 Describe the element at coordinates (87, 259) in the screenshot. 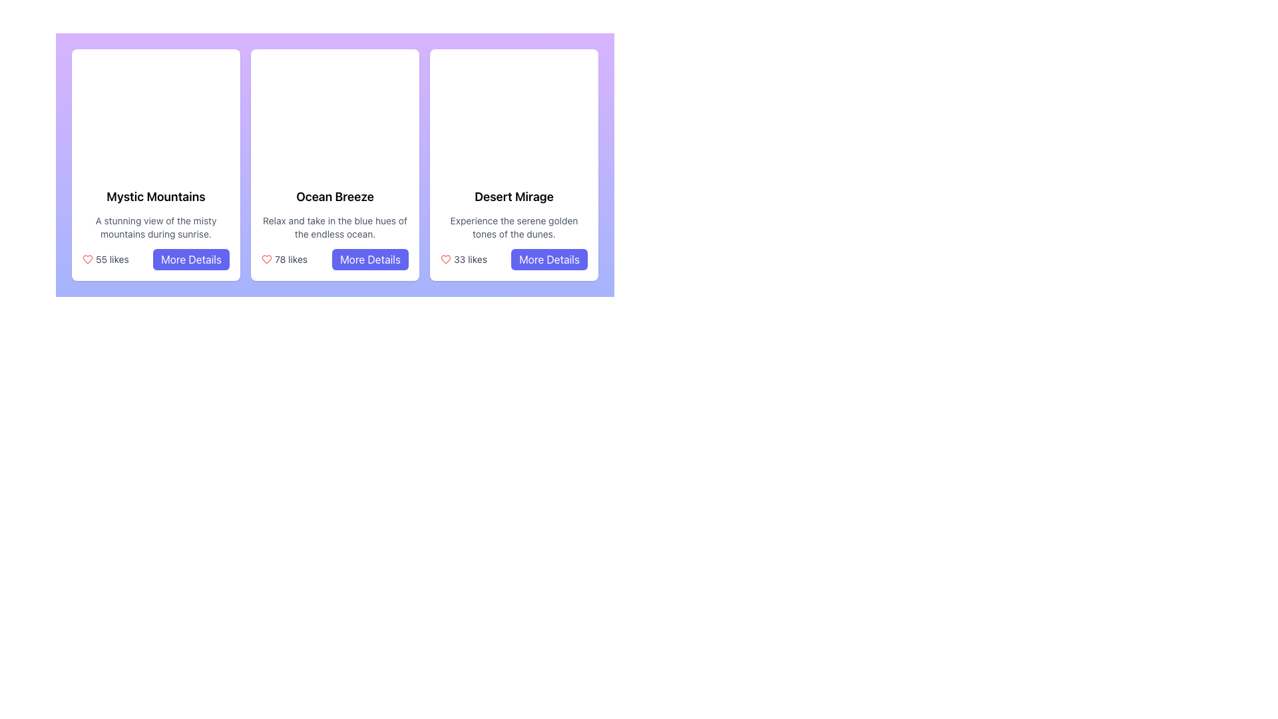

I see `the heart-shaped icon with a red color fill located next to the '55 likes' text in the first card under the 'Mystic Mountains' title` at that location.